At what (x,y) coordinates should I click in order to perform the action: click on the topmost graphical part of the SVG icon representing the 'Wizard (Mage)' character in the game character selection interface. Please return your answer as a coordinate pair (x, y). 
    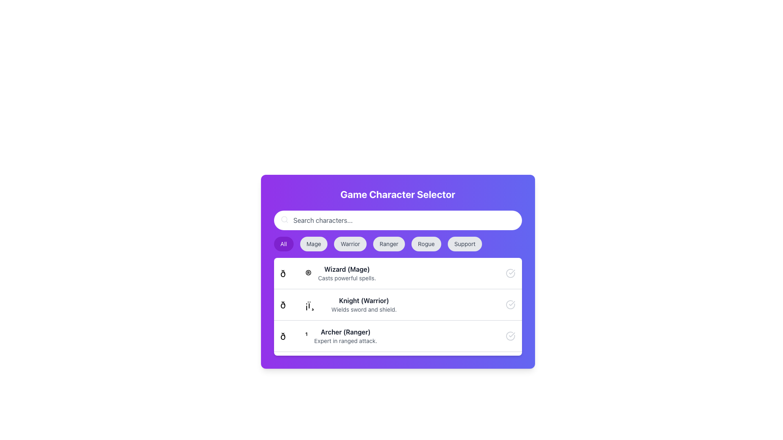
    Looking at the image, I should click on (510, 273).